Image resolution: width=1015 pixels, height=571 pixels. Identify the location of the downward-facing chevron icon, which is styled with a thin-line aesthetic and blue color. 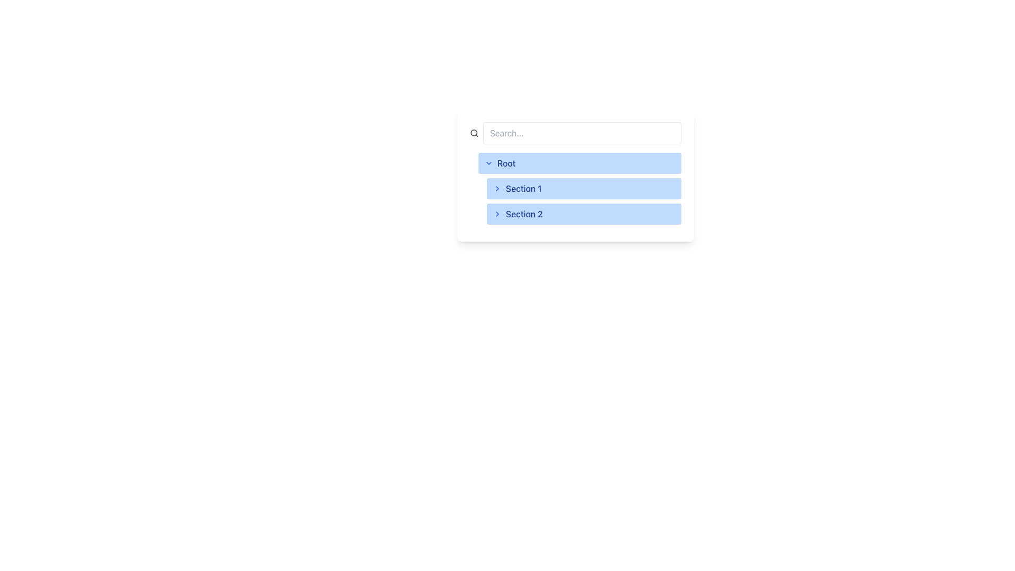
(488, 163).